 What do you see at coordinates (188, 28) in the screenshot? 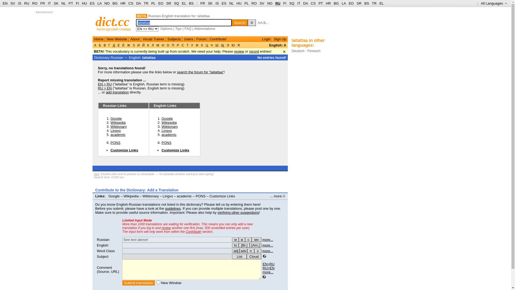
I see `'FAQ'` at bounding box center [188, 28].